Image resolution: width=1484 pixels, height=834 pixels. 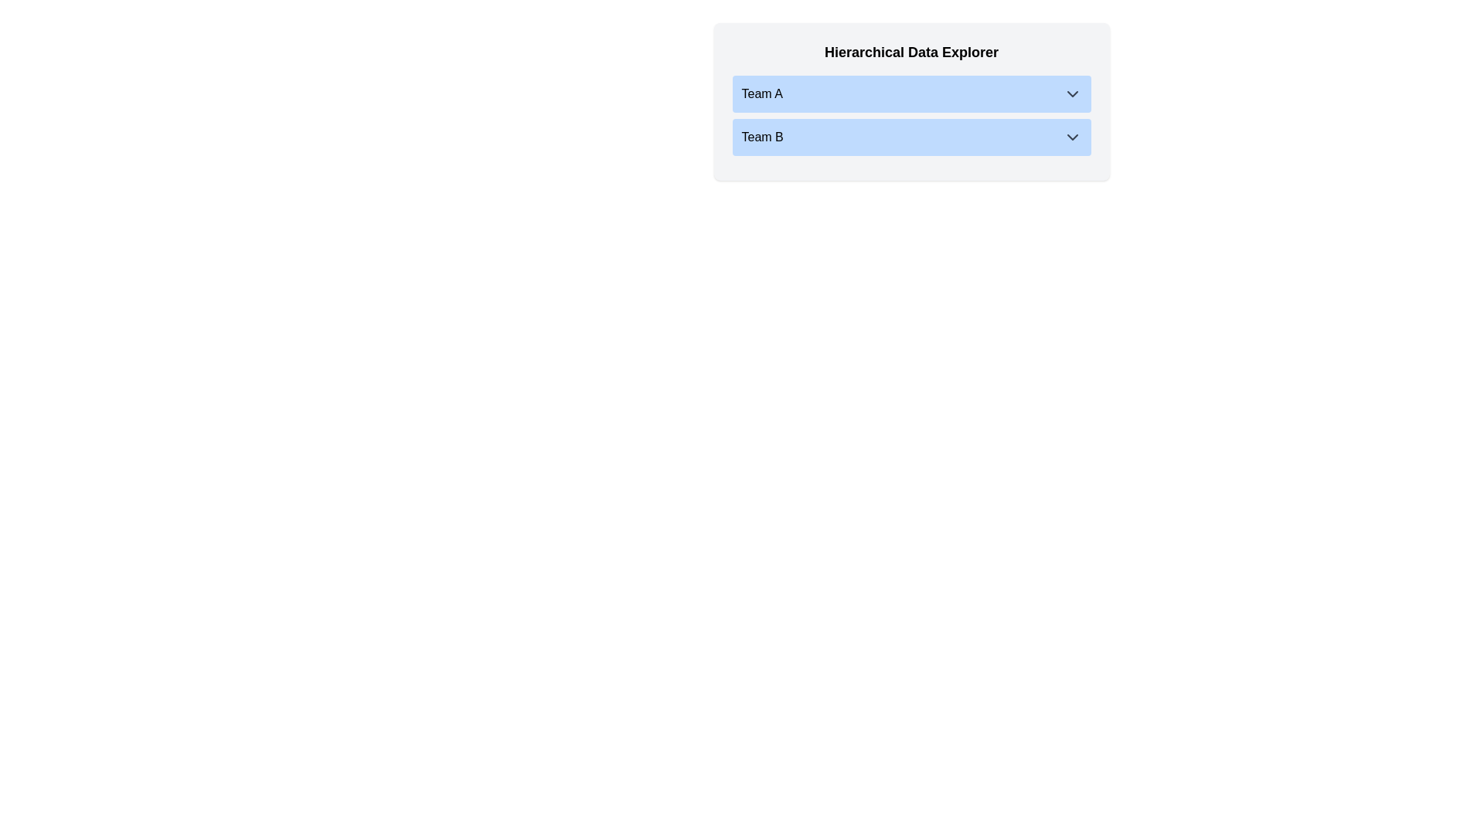 I want to click on the text of the group name Team B, so click(x=762, y=136).